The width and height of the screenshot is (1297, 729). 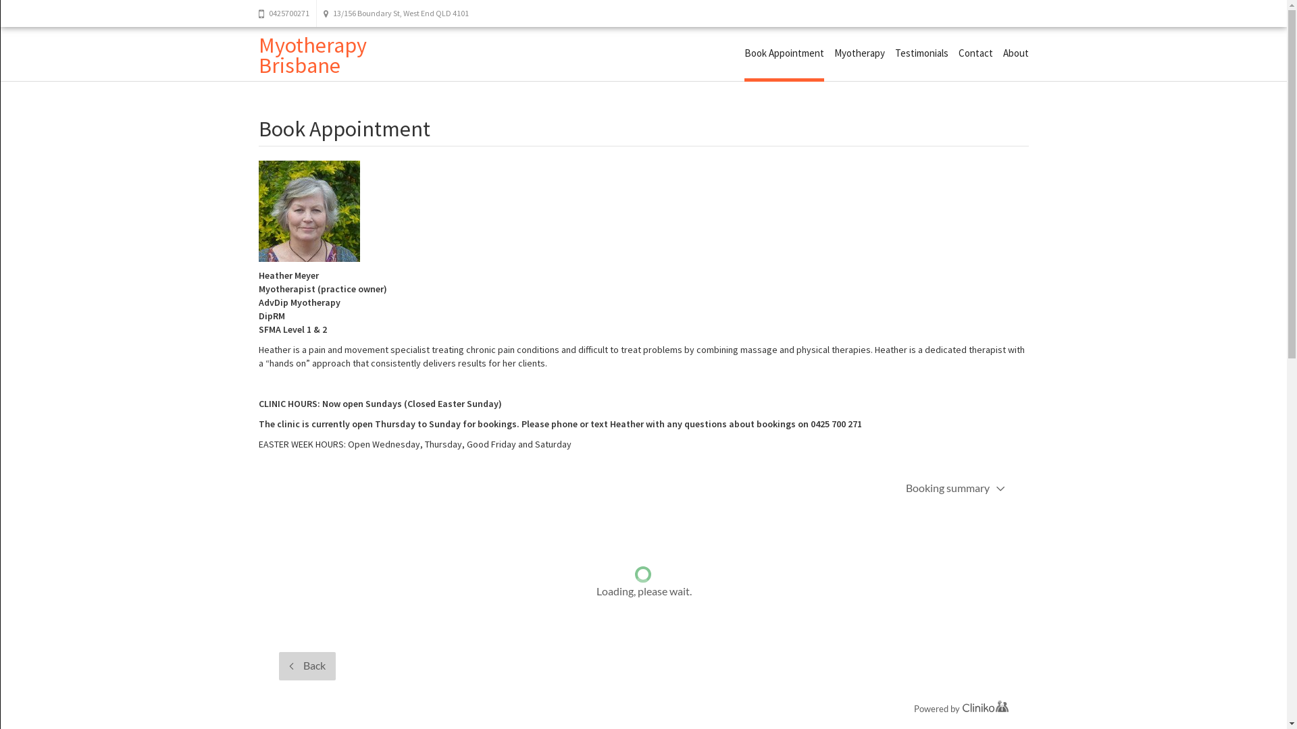 I want to click on 'Contact', so click(x=957, y=52).